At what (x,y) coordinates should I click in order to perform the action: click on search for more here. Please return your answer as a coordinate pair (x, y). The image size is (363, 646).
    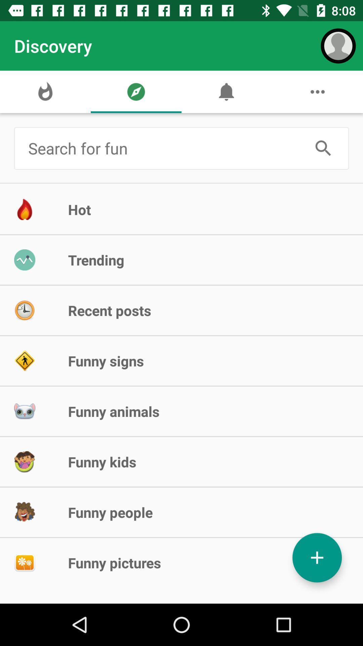
    Looking at the image, I should click on (165, 148).